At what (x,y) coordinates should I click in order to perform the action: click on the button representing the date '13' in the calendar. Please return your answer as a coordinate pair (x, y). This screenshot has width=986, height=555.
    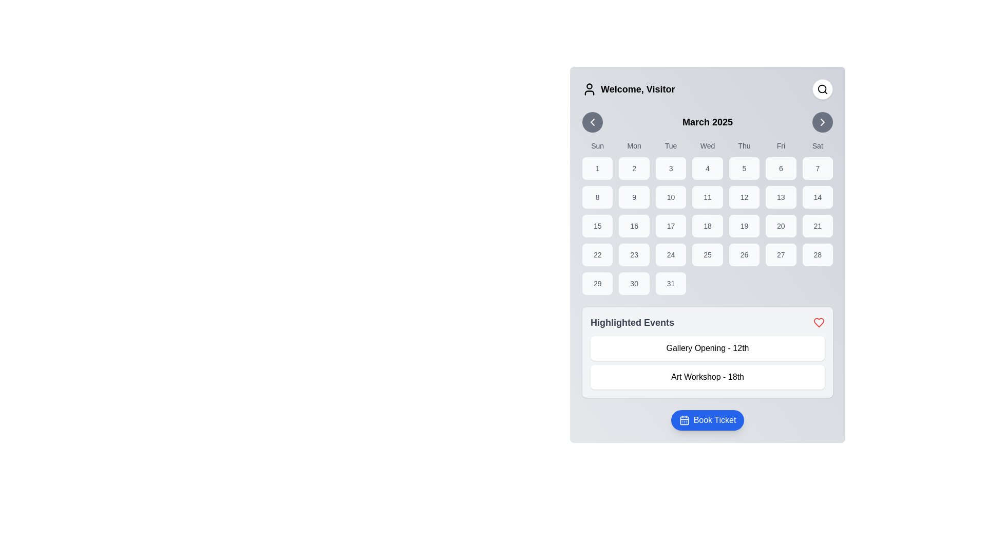
    Looking at the image, I should click on (781, 197).